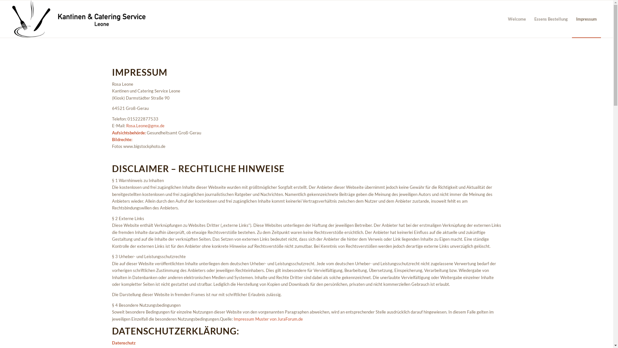 The image size is (618, 348). I want to click on 'Impressum Muster von JuraForum.de', so click(268, 319).